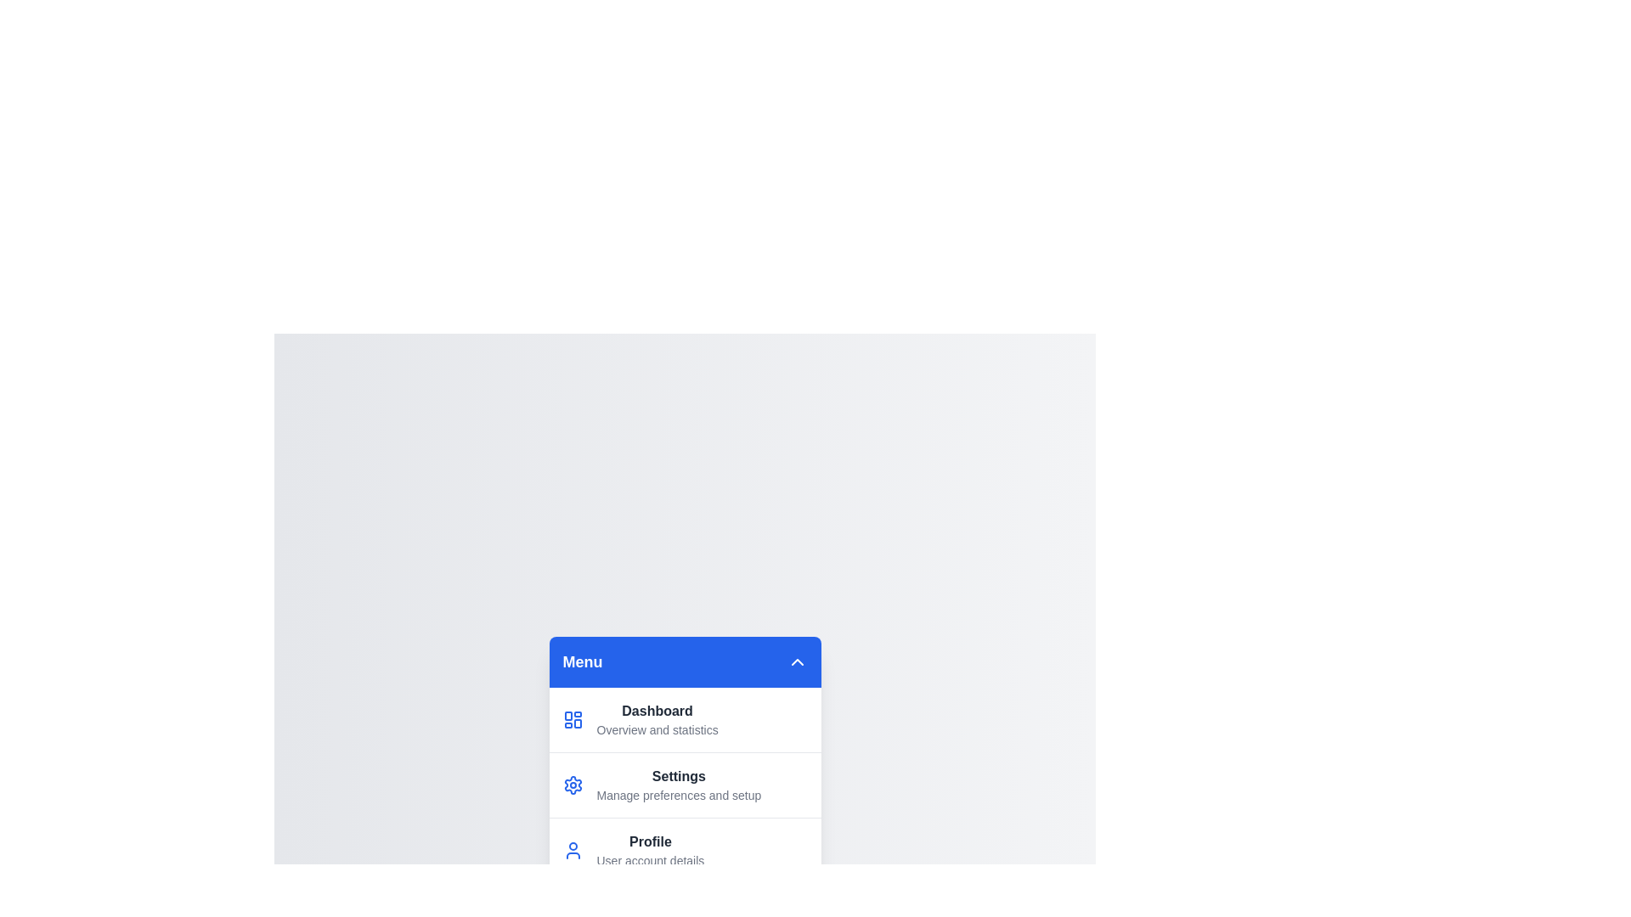 The height and width of the screenshot is (917, 1631). I want to click on the icon corresponding to the menu item 'Settings', so click(573, 785).